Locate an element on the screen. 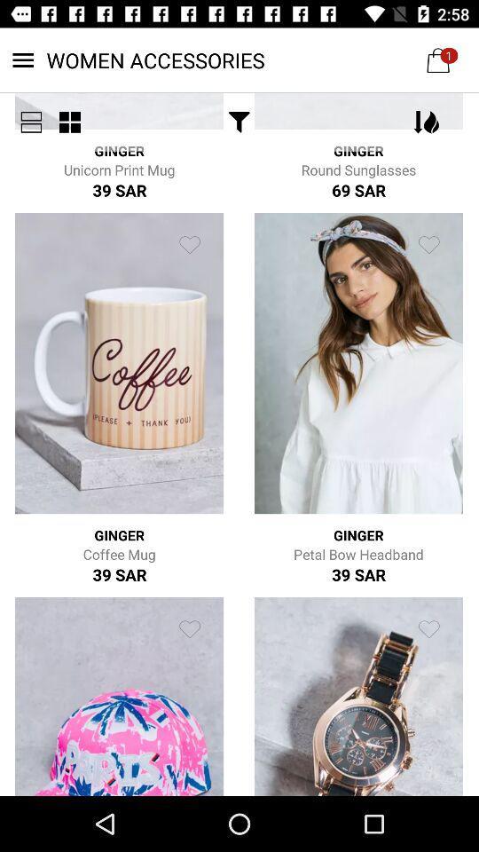 Image resolution: width=479 pixels, height=852 pixels. icon below the women accessories item is located at coordinates (31, 121).